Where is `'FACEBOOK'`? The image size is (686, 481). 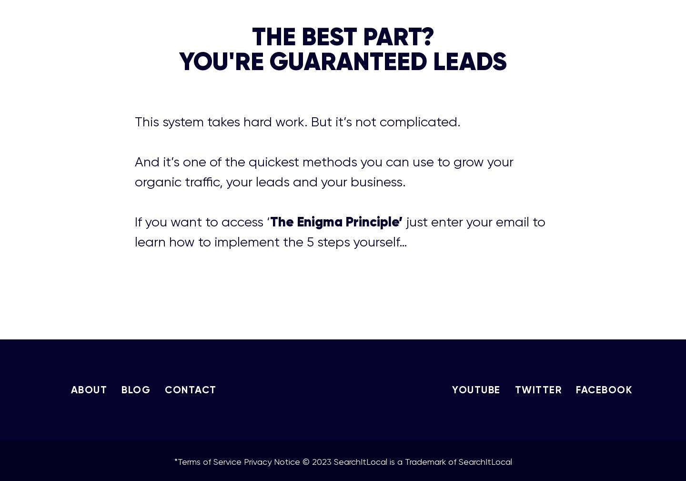 'FACEBOOK' is located at coordinates (575, 389).